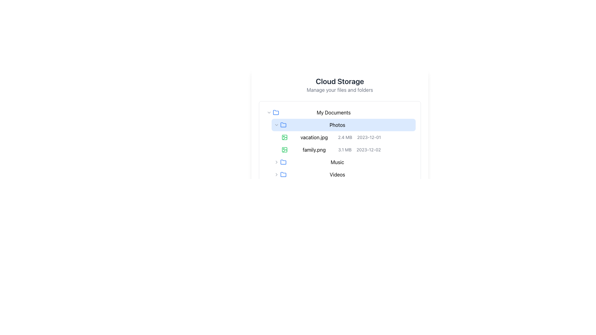 The height and width of the screenshot is (335, 596). I want to click on the first download button located next to the 'family.png' file entry, so click(388, 150).